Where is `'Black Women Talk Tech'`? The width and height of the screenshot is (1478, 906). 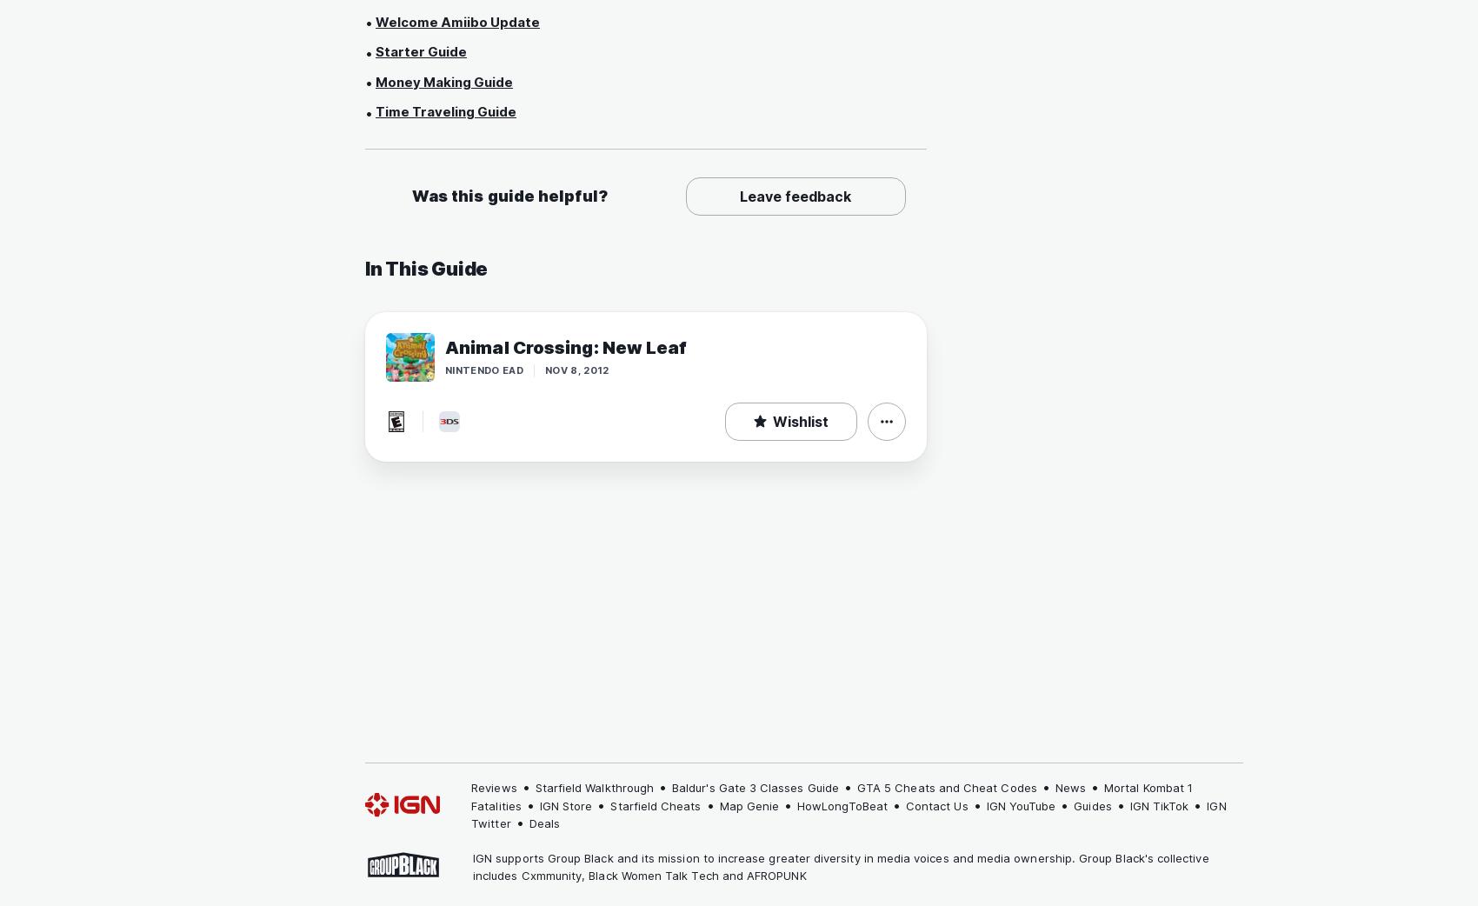 'Black Women Talk Tech' is located at coordinates (652, 875).